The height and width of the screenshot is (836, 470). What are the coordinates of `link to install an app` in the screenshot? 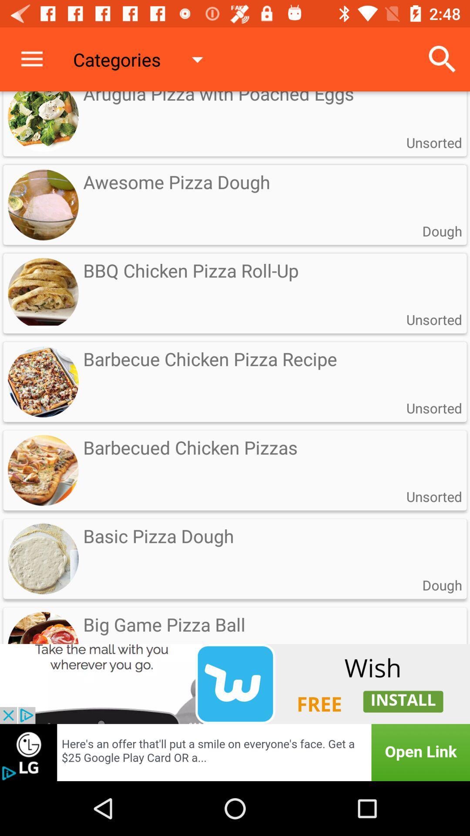 It's located at (235, 683).